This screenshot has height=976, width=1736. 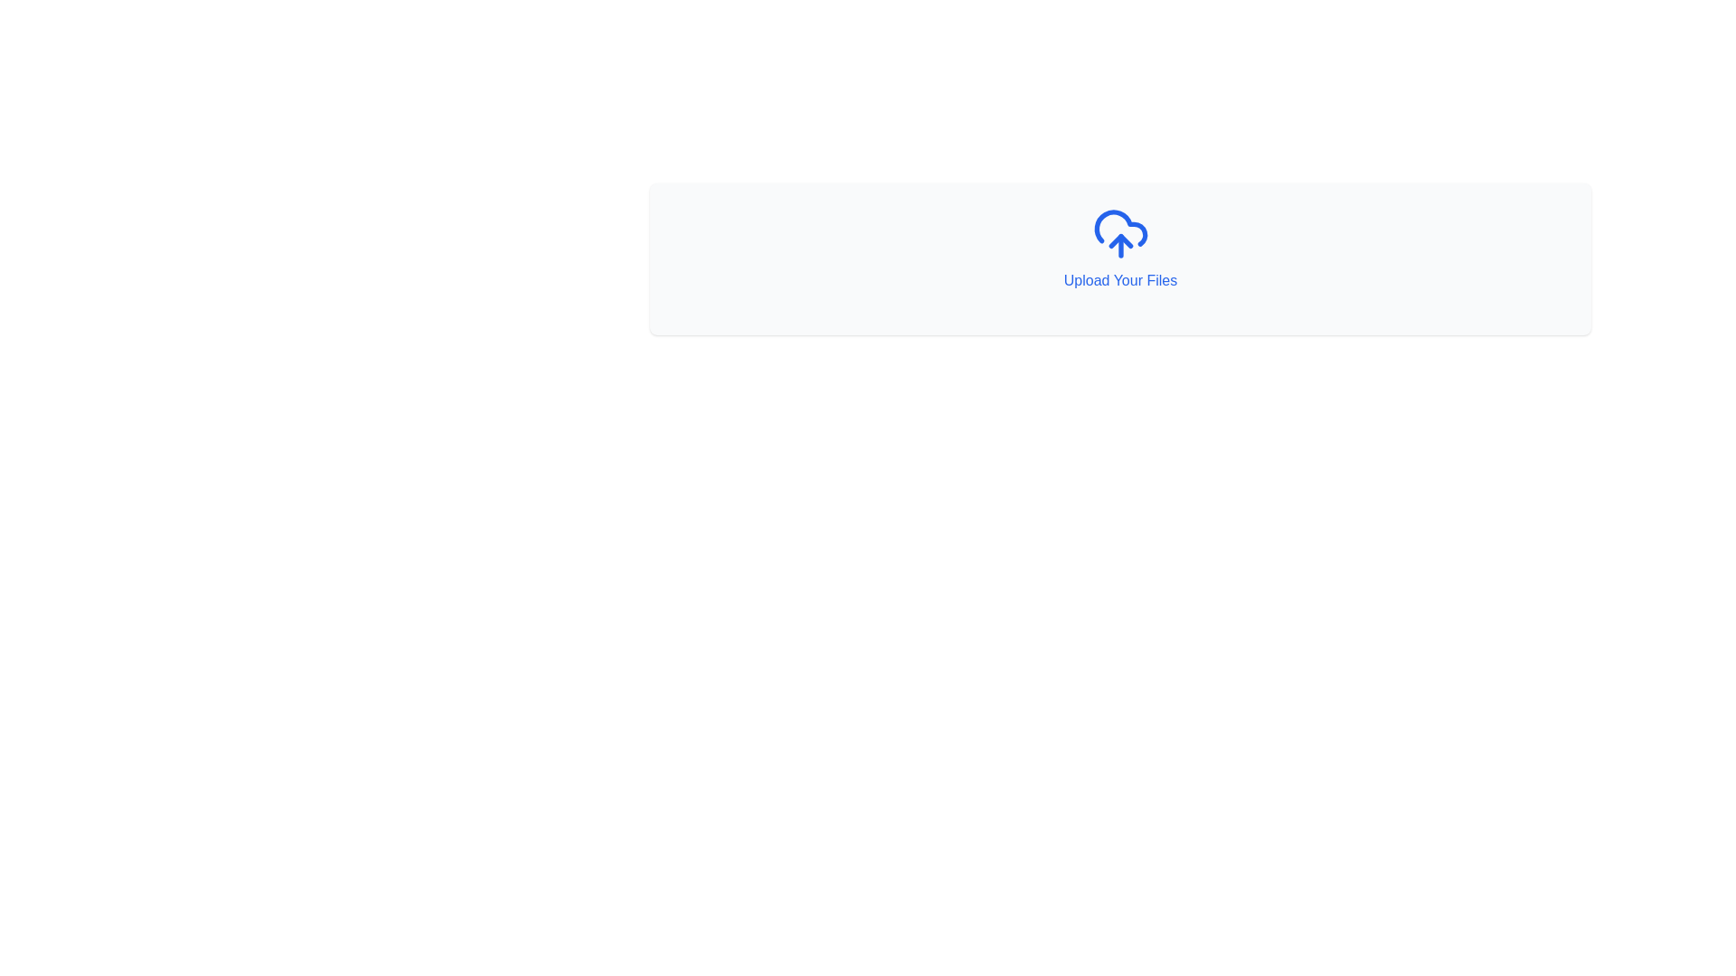 What do you see at coordinates (1119, 239) in the screenshot?
I see `the upload icon located centrally within the cloud graphic, positioned near the lower portion of the cloud` at bounding box center [1119, 239].